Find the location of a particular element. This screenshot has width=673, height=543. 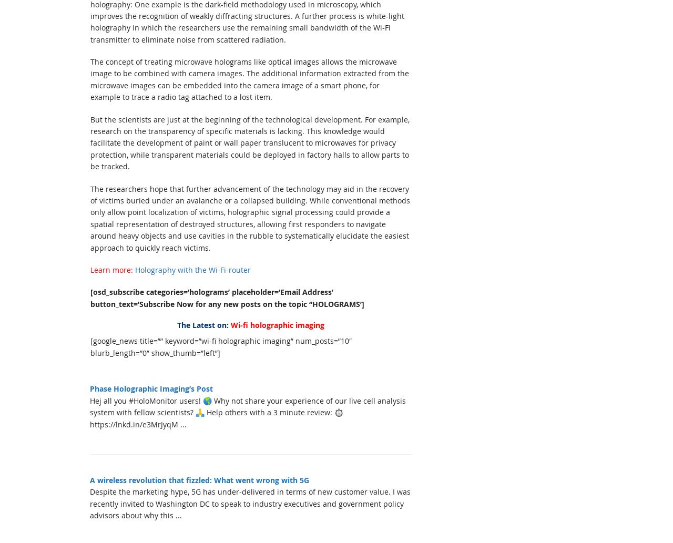

'Wi-fi holographic imaging' is located at coordinates (278, 324).